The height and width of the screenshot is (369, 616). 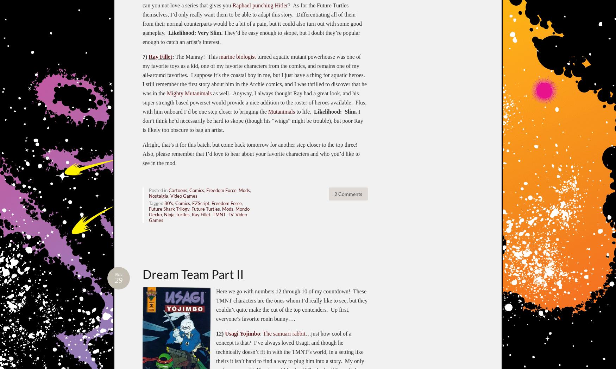 What do you see at coordinates (220, 333) in the screenshot?
I see `'12)'` at bounding box center [220, 333].